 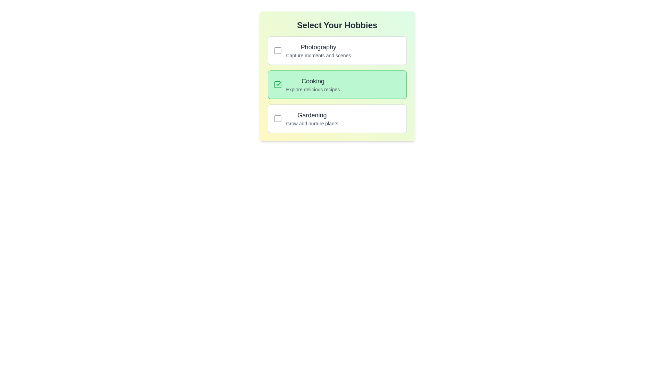 I want to click on the interactive graphical icon representing the deselected state of the 'Photography' hobby option, so click(x=277, y=50).